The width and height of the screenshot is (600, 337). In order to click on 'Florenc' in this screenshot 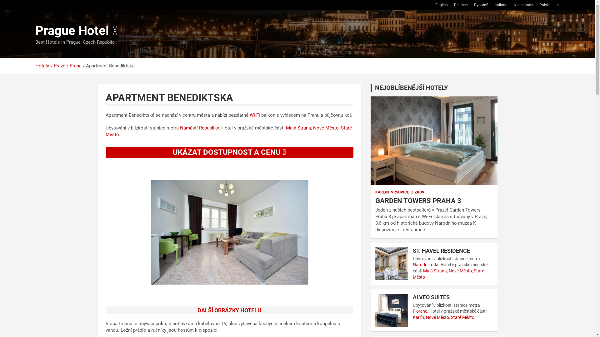, I will do `click(420, 311)`.